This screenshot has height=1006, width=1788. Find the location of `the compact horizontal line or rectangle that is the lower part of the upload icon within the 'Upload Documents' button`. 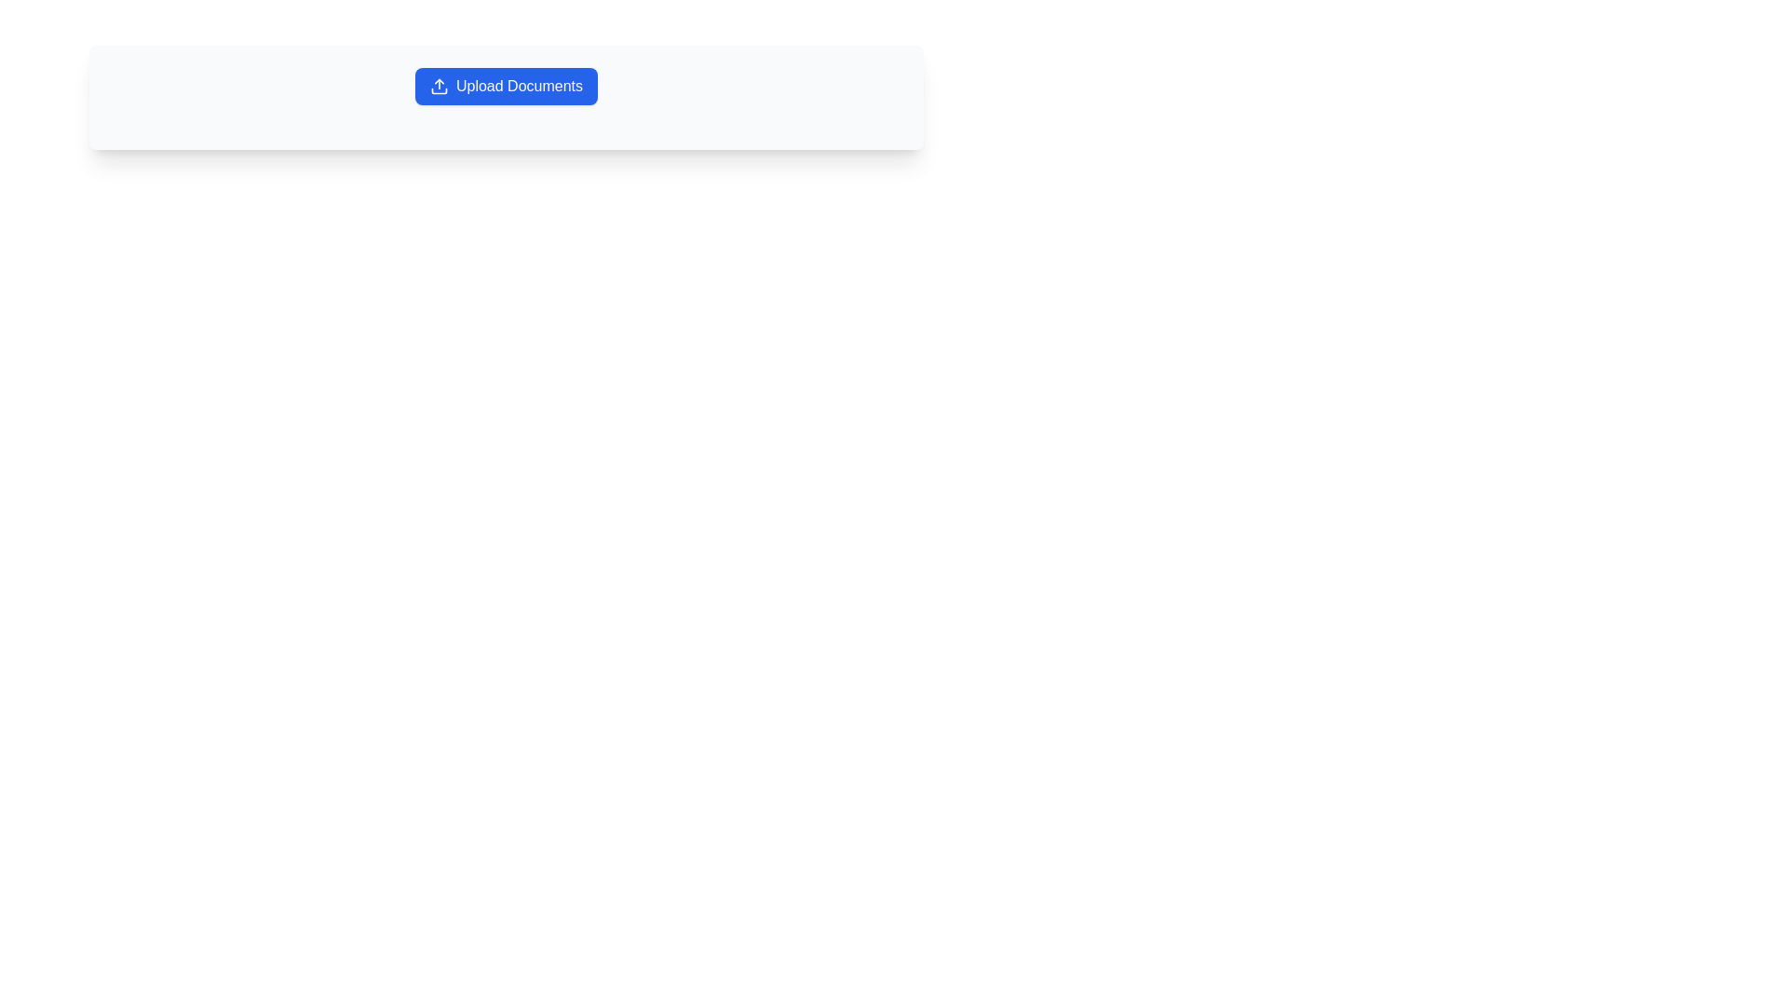

the compact horizontal line or rectangle that is the lower part of the upload icon within the 'Upload Documents' button is located at coordinates (438, 90).